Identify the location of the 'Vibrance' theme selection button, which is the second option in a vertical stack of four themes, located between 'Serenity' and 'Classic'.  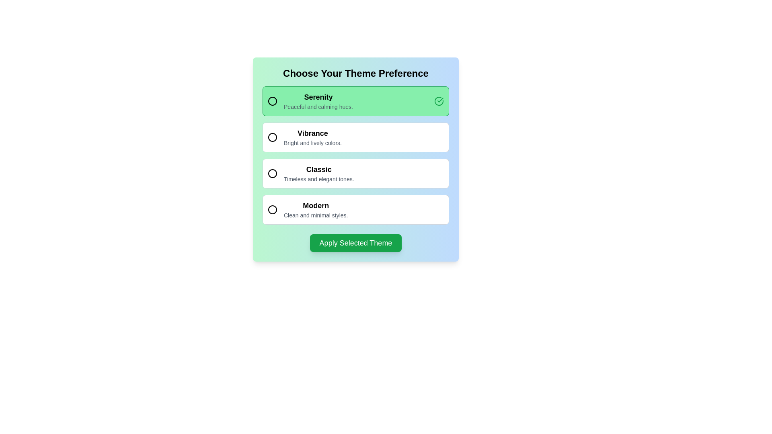
(355, 137).